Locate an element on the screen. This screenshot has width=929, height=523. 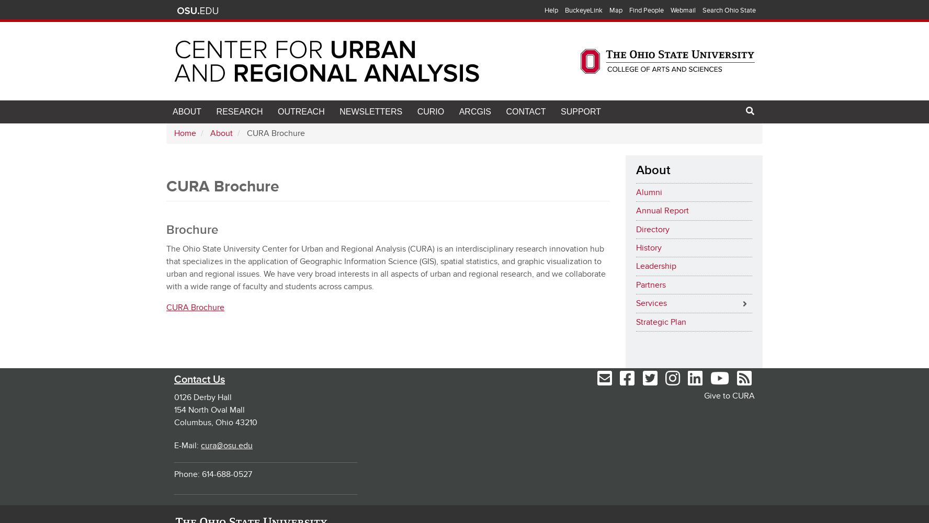
'The Ohio State University Center for Urban and Regional Analysis (CURA) is an interdisciplinary research innovation hub that specializes in the application of Geographic Information Science (GIS), spatial statistics, and graphic visualization to urban and regional issues. We have very broad interests in all aspects of urban and regional research, and we collaborate with a wide range of faculty and students across campus.' is located at coordinates (386, 267).